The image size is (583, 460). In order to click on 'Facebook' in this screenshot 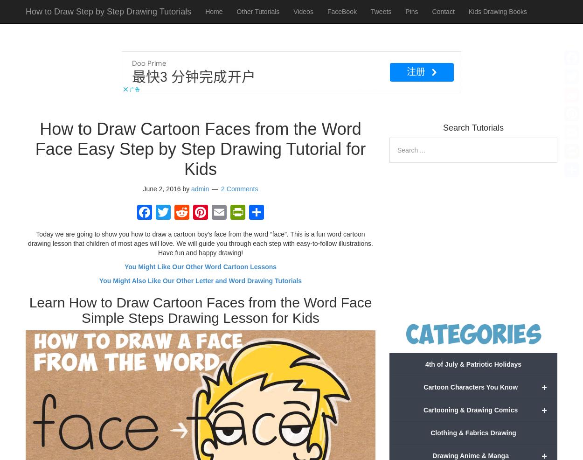, I will do `click(159, 263)`.